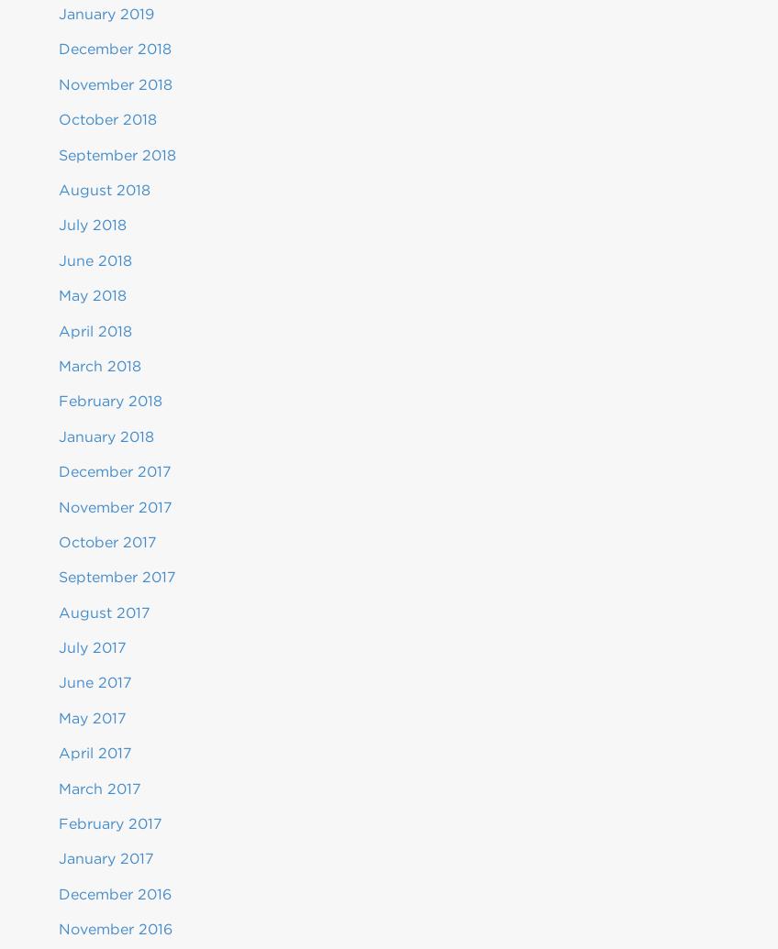 This screenshot has height=949, width=778. What do you see at coordinates (59, 646) in the screenshot?
I see `'July 2017'` at bounding box center [59, 646].